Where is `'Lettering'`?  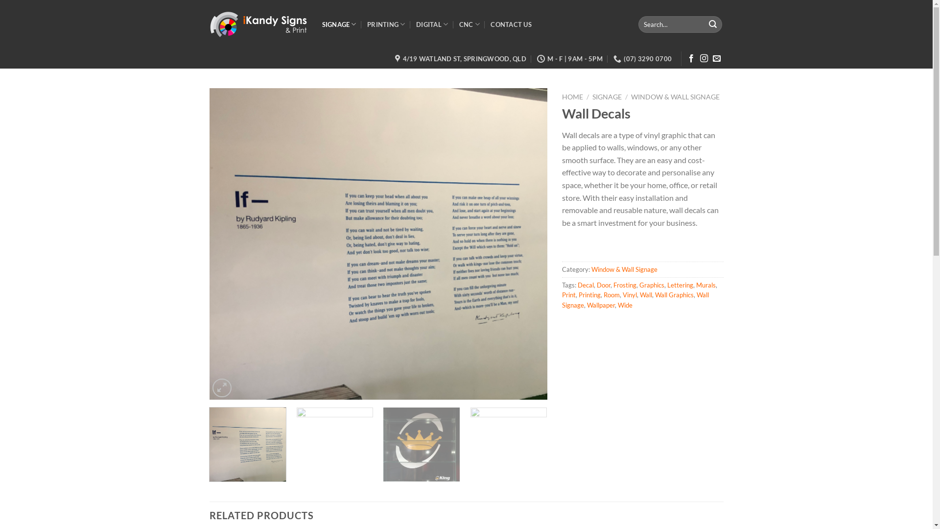
'Lettering' is located at coordinates (666, 285).